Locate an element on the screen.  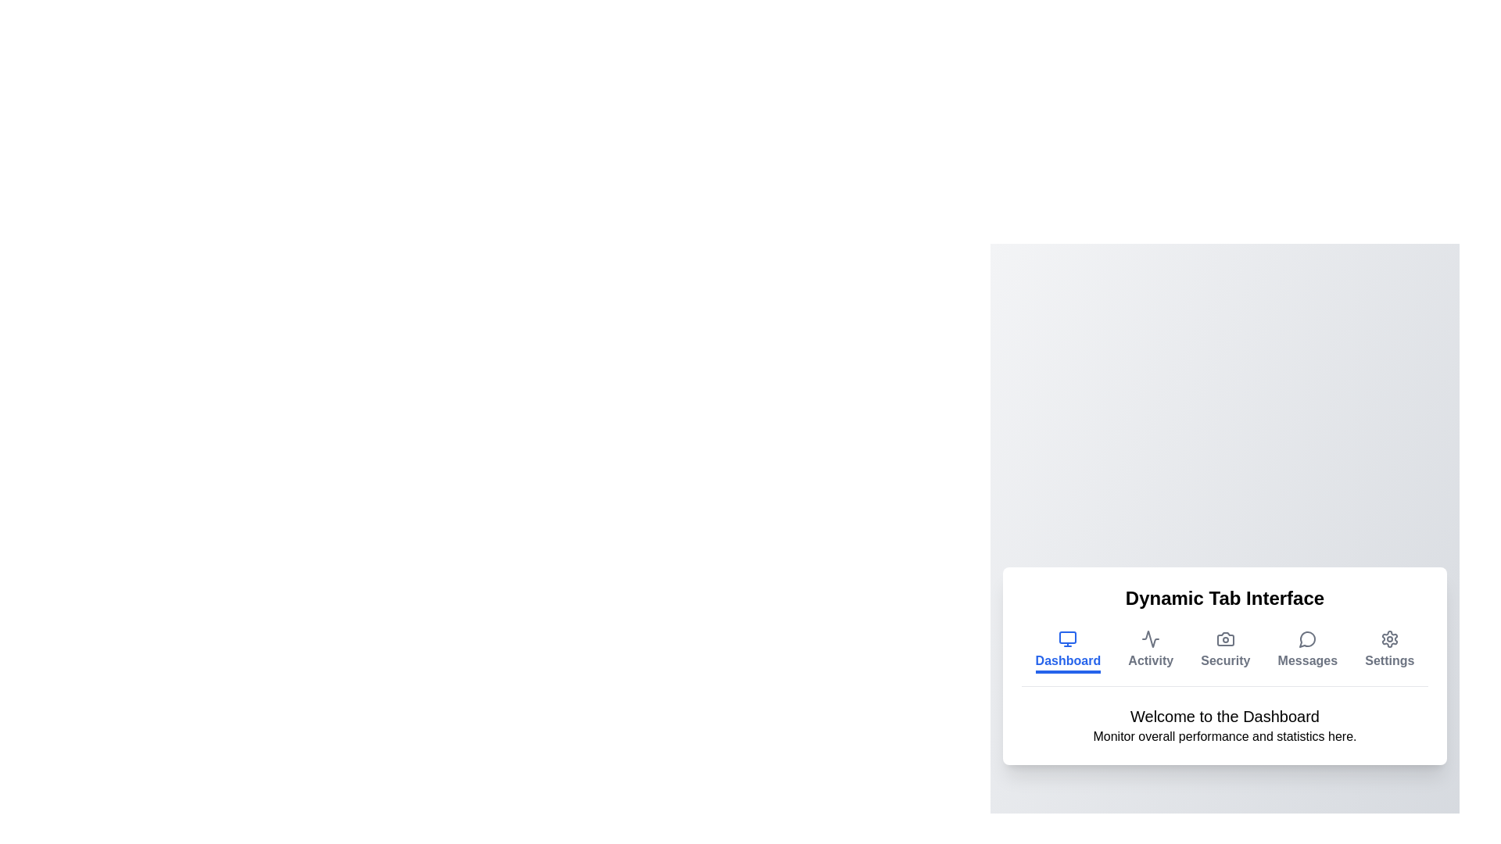
the 'Messages' button, which features a speech bubble icon and gray text, to observe the hover effects is located at coordinates (1307, 651).